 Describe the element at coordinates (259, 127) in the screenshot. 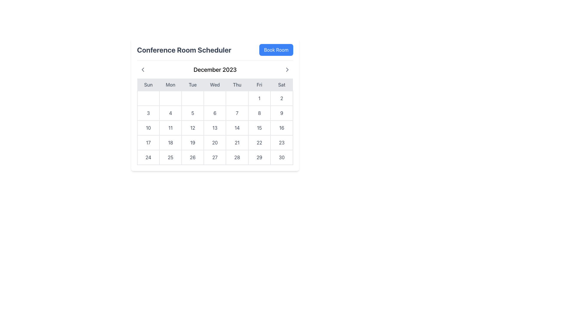

I see `the clickable item representing the 15th day of the month in the calendar grid` at that location.